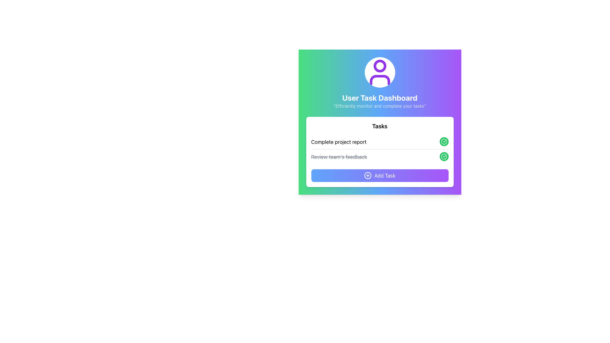  I want to click on the bright green circular button with a white checkmark located under the 'Tasks' section, to the right of 'Complete project report', so click(444, 141).